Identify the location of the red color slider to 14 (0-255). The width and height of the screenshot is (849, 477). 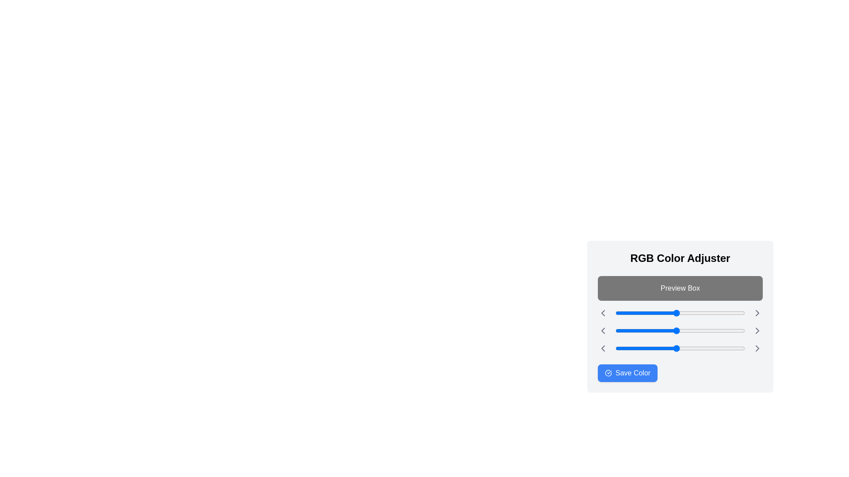
(622, 313).